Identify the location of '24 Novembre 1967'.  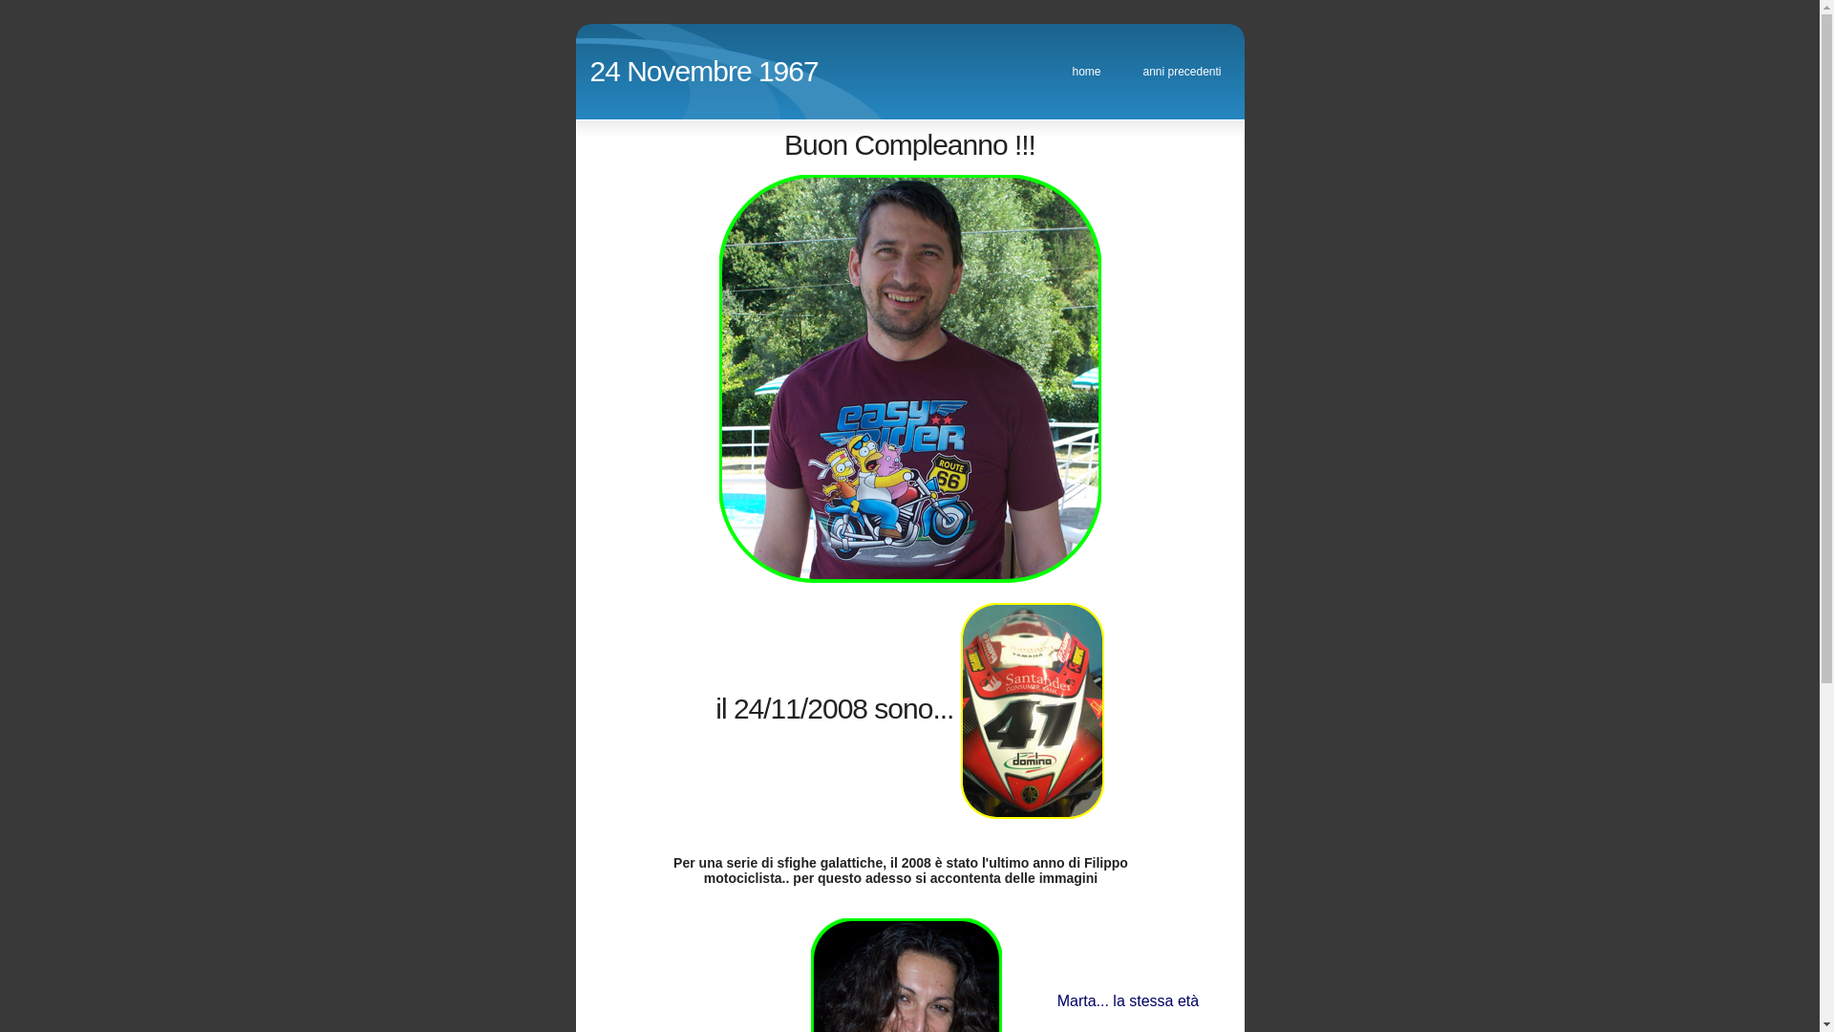
(703, 70).